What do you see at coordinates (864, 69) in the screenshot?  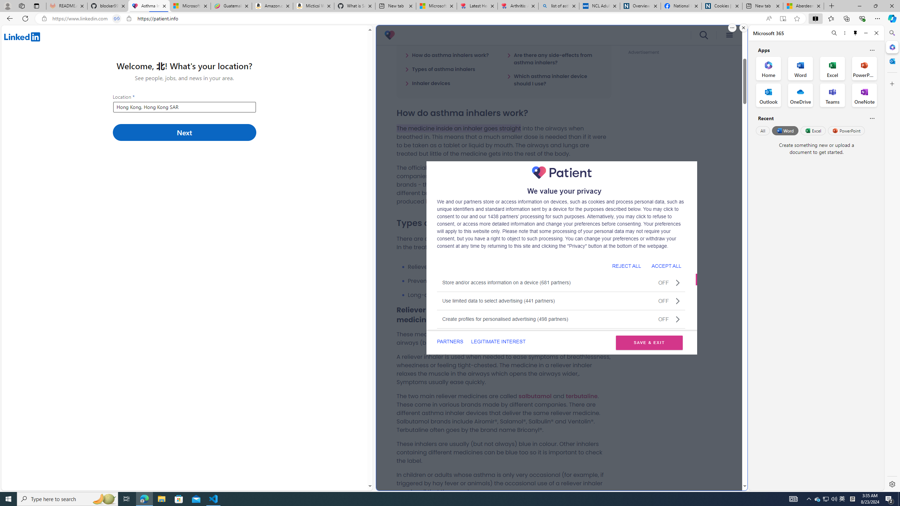 I see `'PowerPoint Office App'` at bounding box center [864, 69].